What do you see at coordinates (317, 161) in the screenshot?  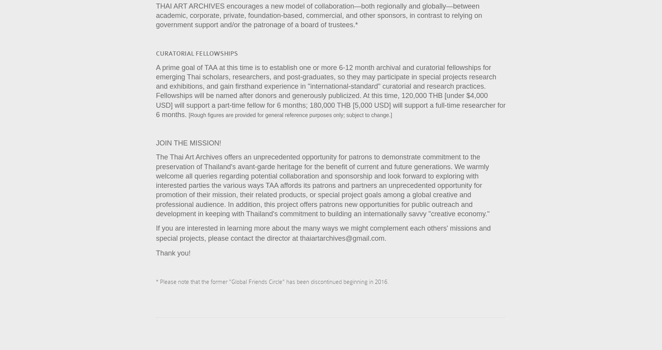 I see `'The Thai Art Archives offers an unprecedented opportunity for patrons to demonstrate commitment to the preservation of Thailand's avant-garde heritage for the benefit of current and future generations.'` at bounding box center [317, 161].